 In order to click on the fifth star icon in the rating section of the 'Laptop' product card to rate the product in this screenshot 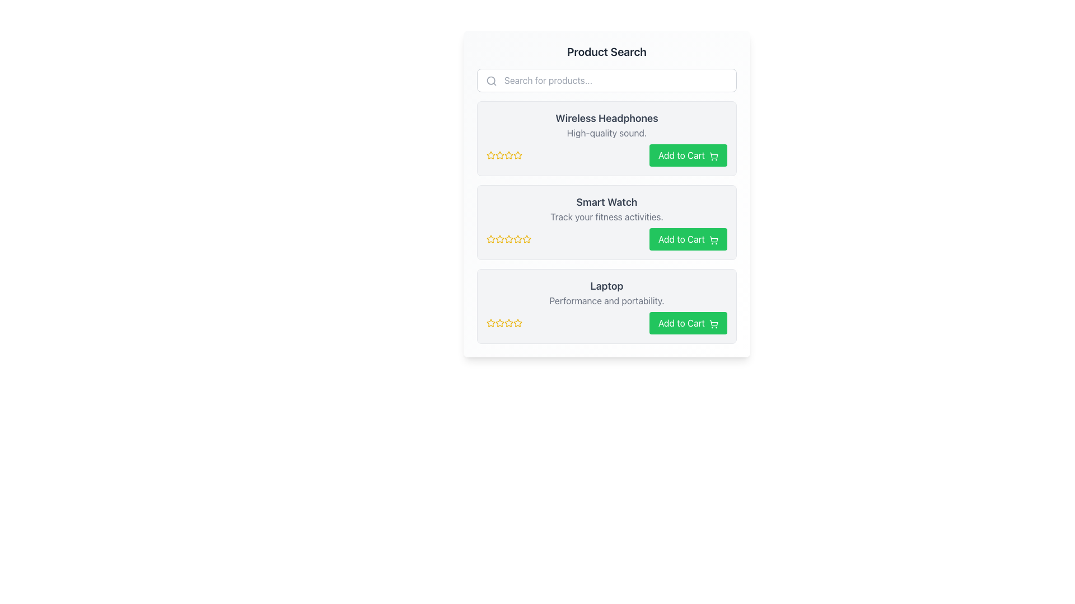, I will do `click(517, 323)`.